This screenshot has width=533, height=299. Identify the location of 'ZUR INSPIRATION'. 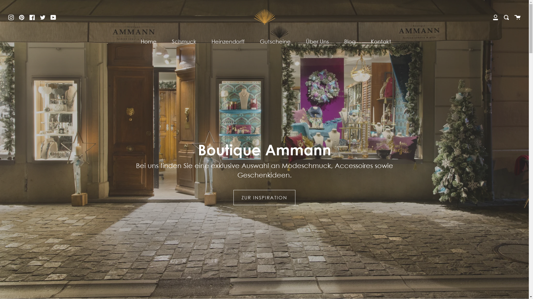
(264, 197).